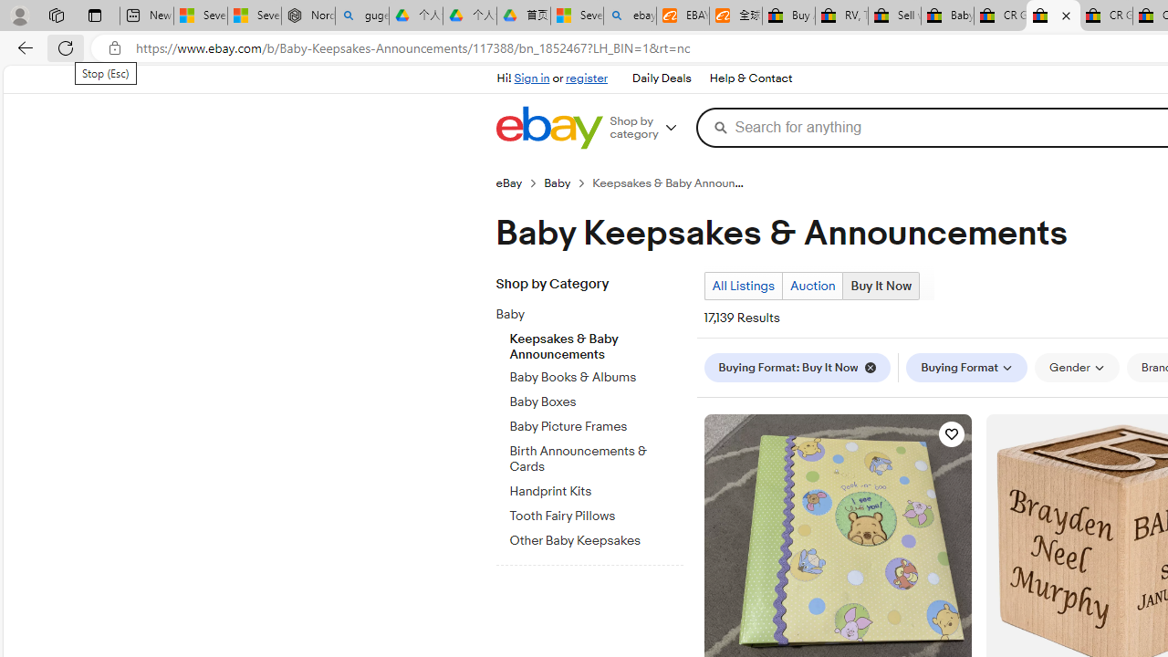 The width and height of the screenshot is (1168, 657). What do you see at coordinates (661, 78) in the screenshot?
I see `'Daily Deals'` at bounding box center [661, 78].